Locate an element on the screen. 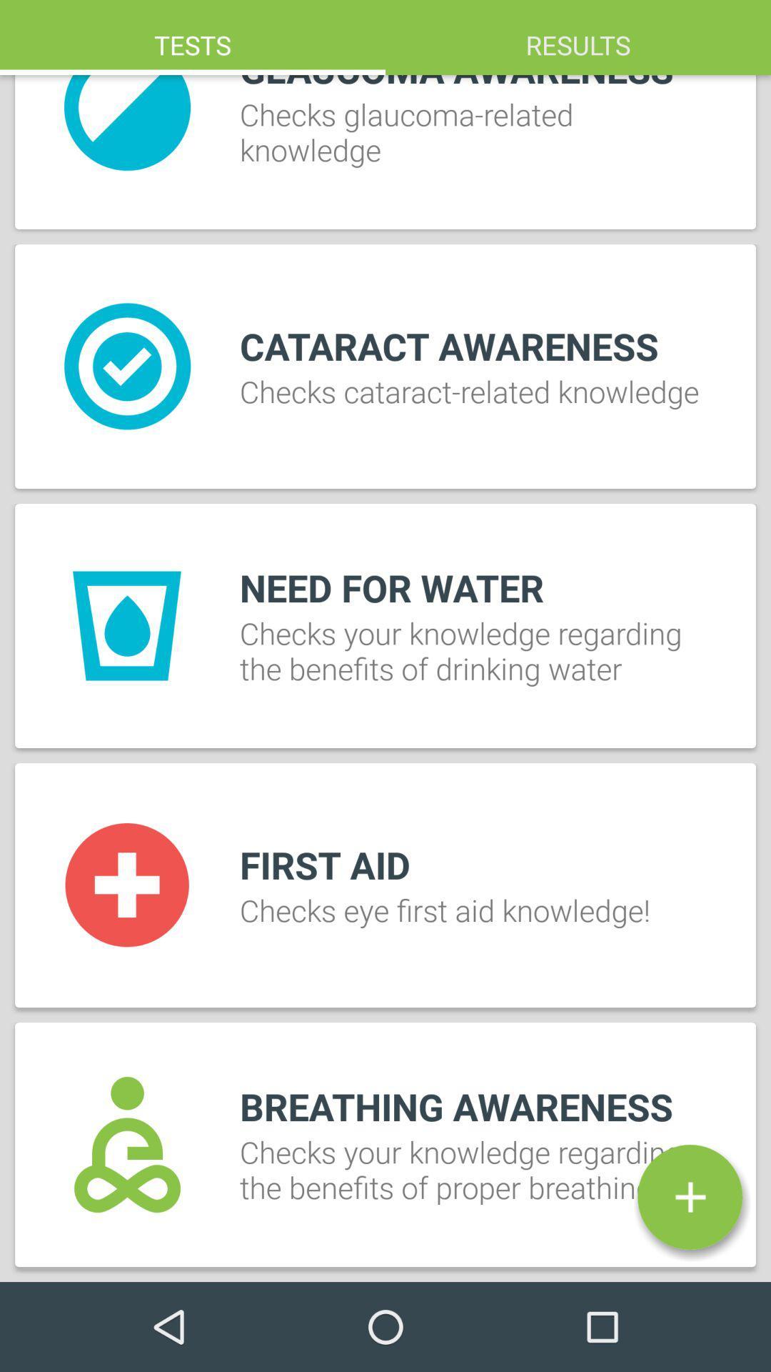 This screenshot has width=771, height=1372. the icon above checks glaucoma related item is located at coordinates (578, 37).